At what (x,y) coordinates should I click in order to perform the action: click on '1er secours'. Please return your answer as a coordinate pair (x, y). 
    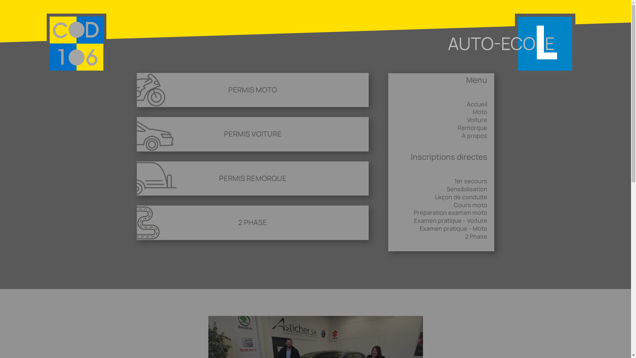
    Looking at the image, I should click on (454, 181).